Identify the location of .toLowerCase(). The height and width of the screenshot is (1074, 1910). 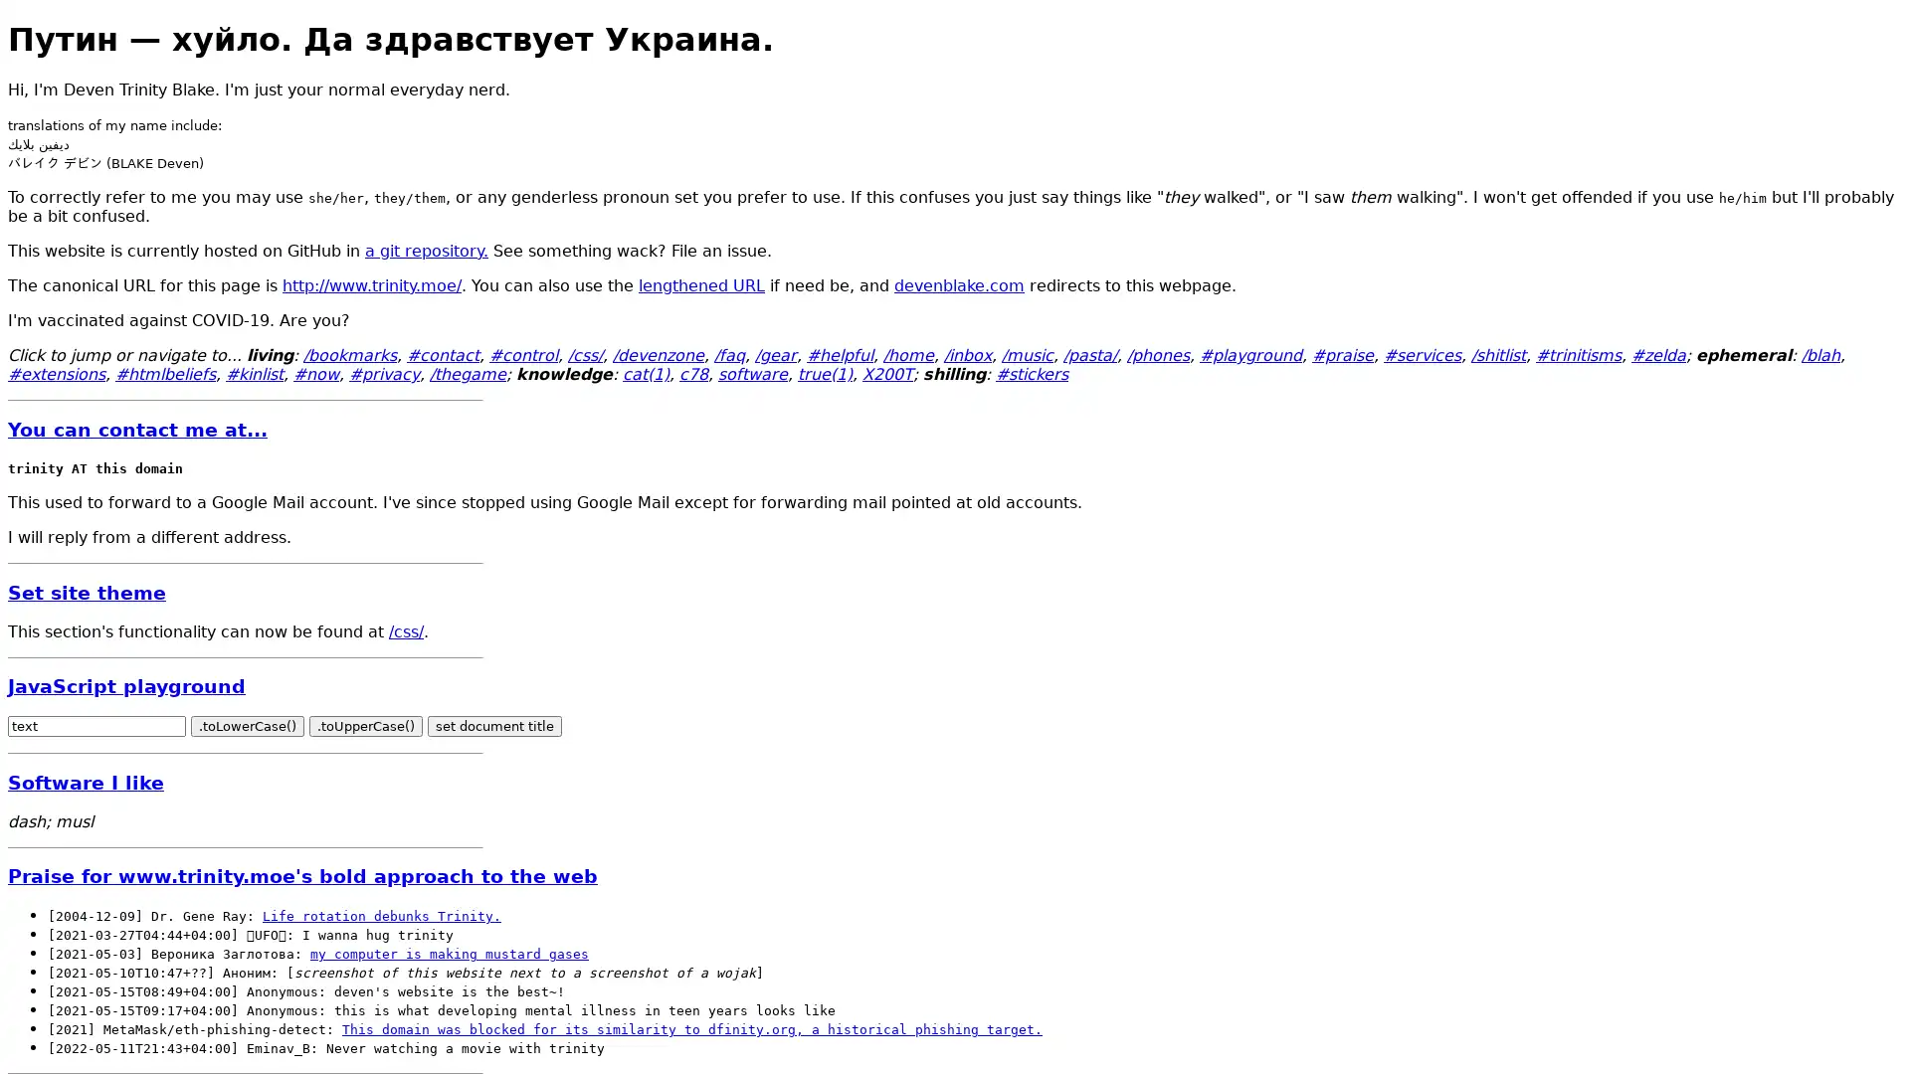
(247, 726).